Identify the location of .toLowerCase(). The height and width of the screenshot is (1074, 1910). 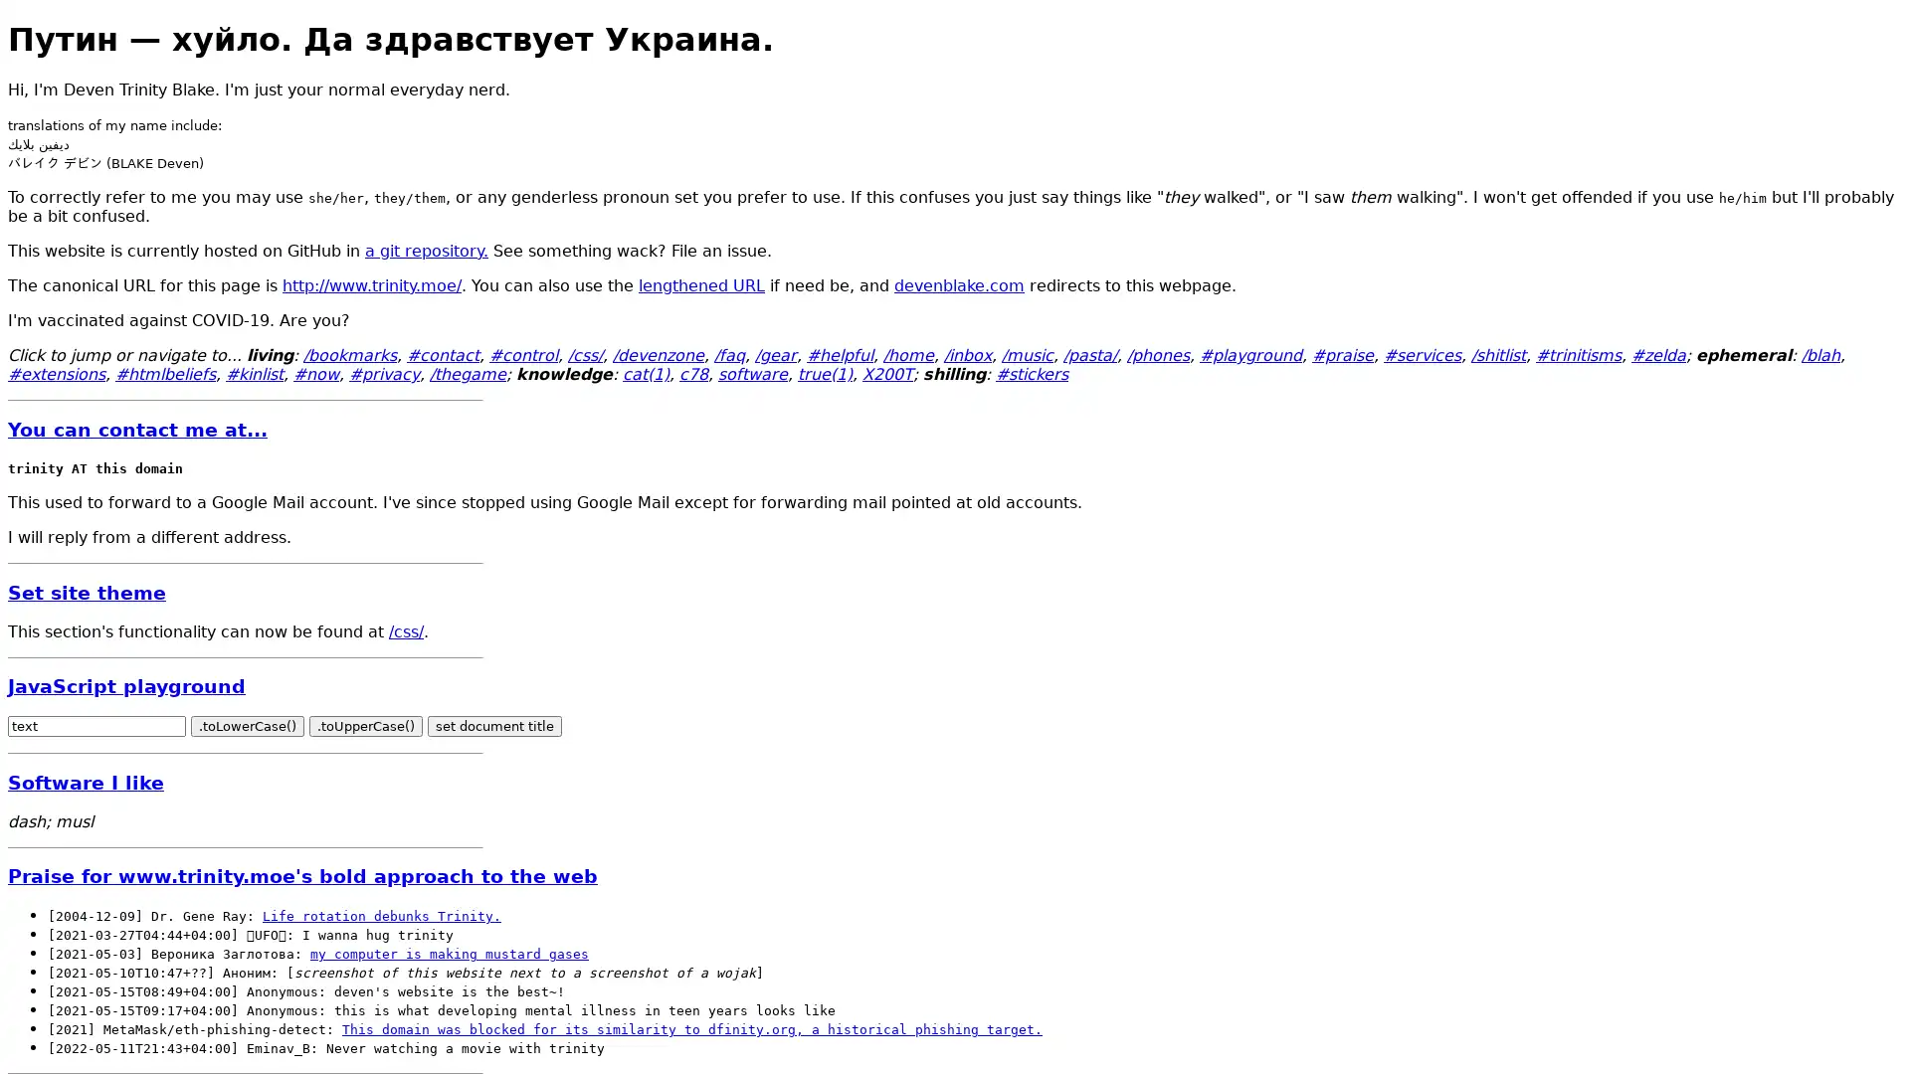
(247, 726).